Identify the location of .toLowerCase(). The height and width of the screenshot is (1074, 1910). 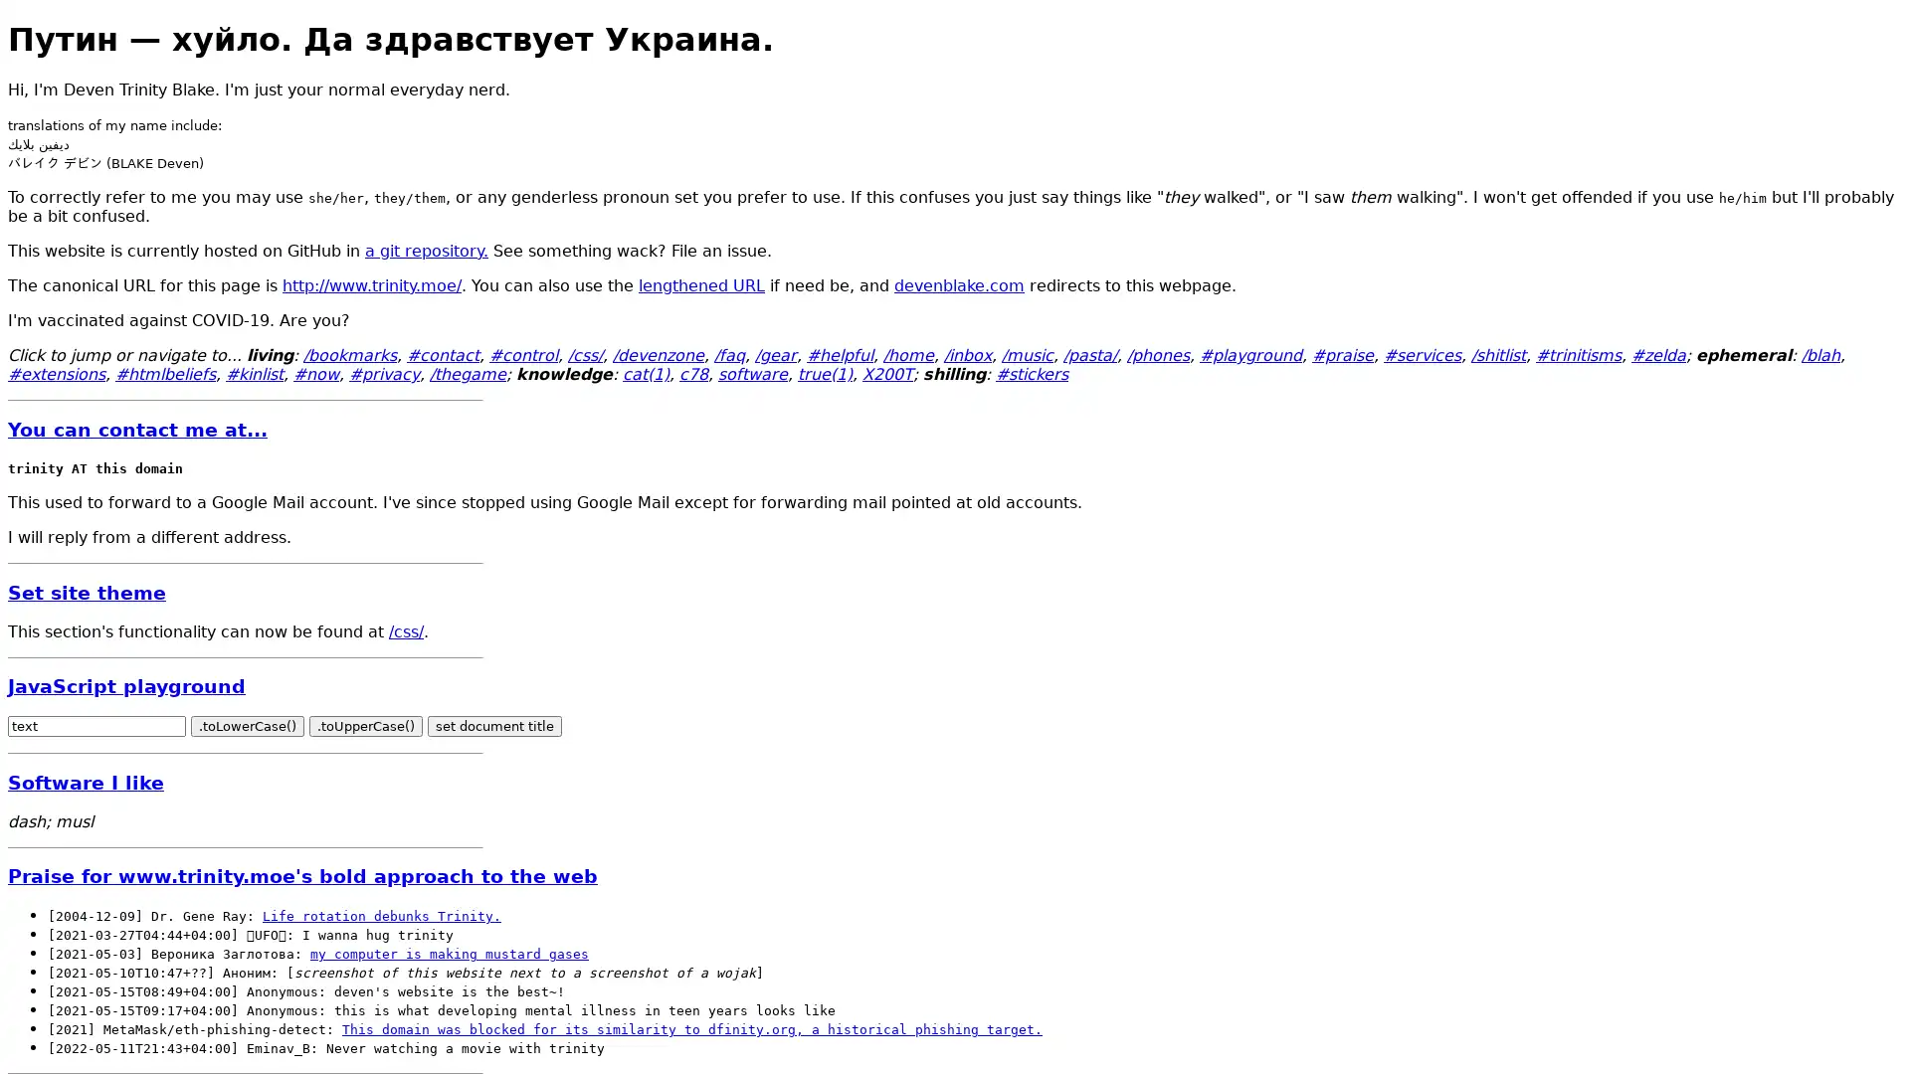
(247, 726).